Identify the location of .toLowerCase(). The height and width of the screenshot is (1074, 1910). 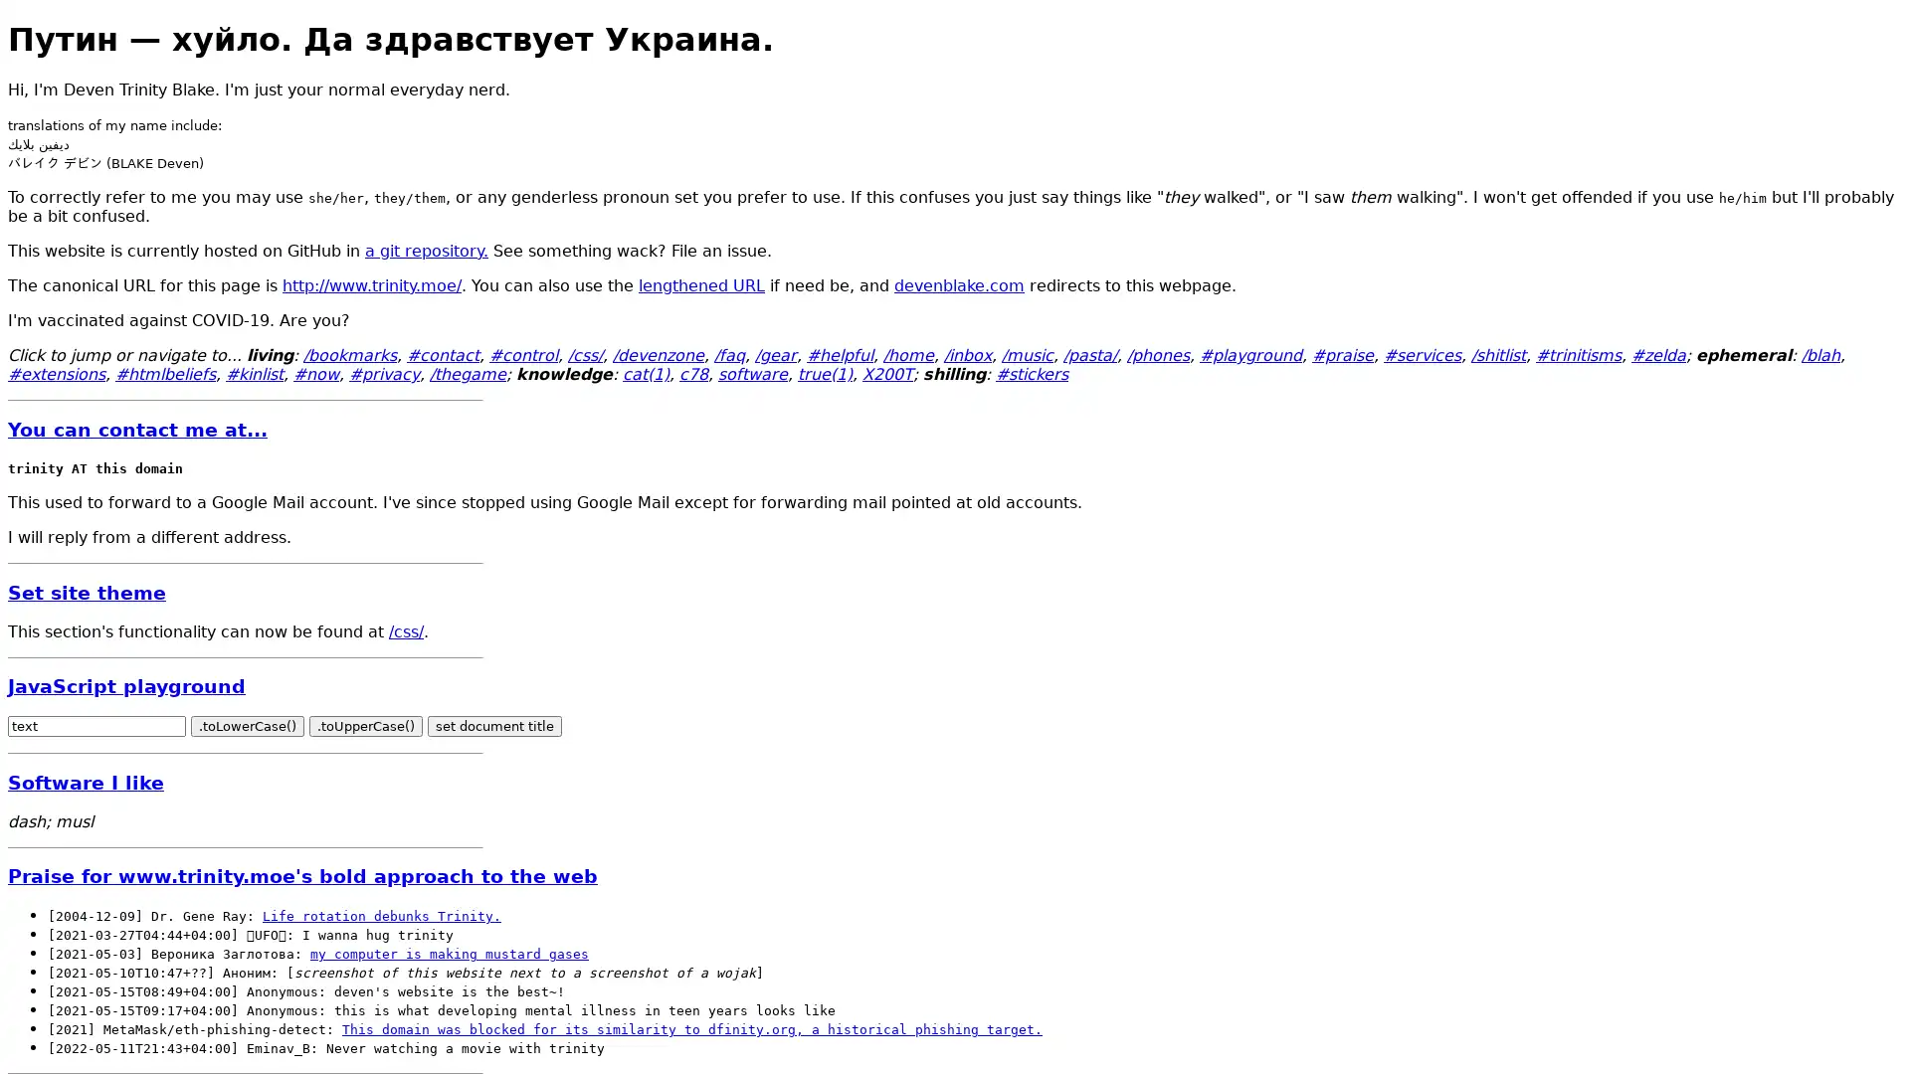
(247, 726).